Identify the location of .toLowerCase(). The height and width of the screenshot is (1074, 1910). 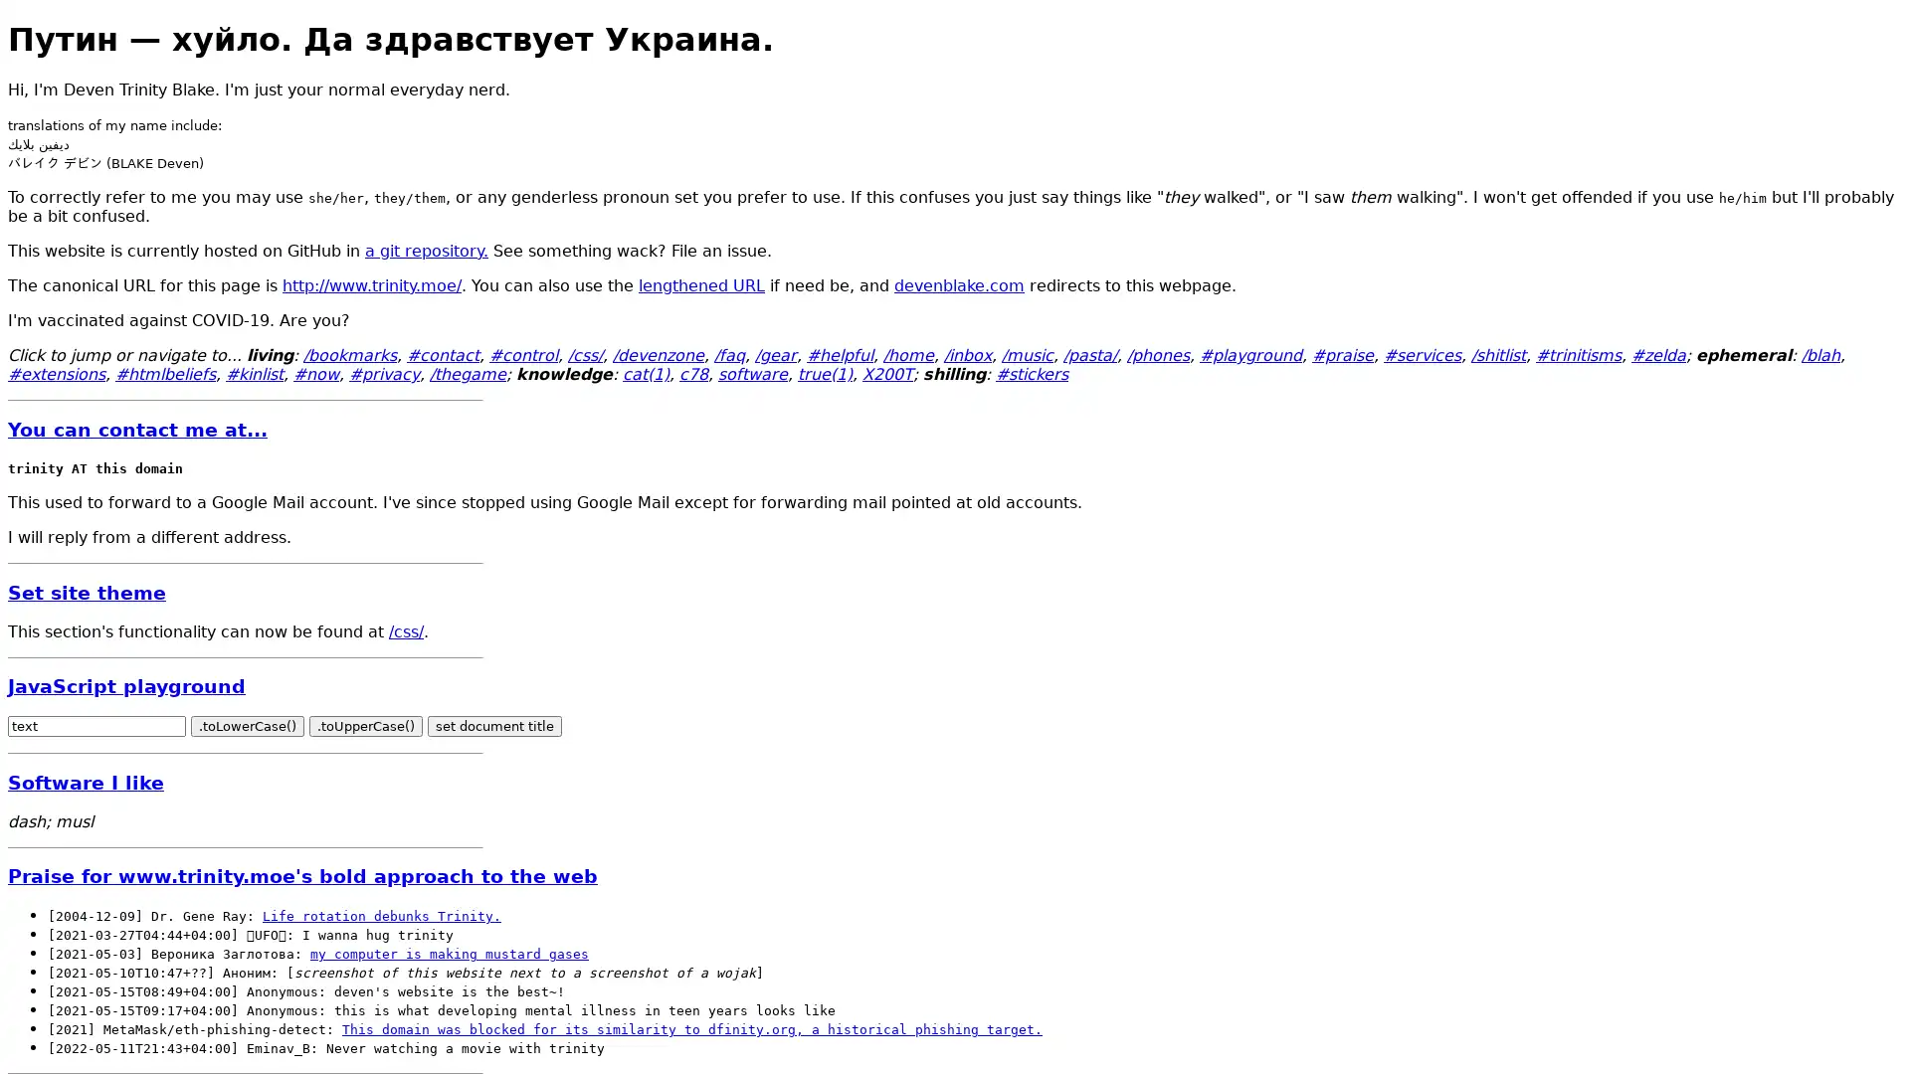
(247, 726).